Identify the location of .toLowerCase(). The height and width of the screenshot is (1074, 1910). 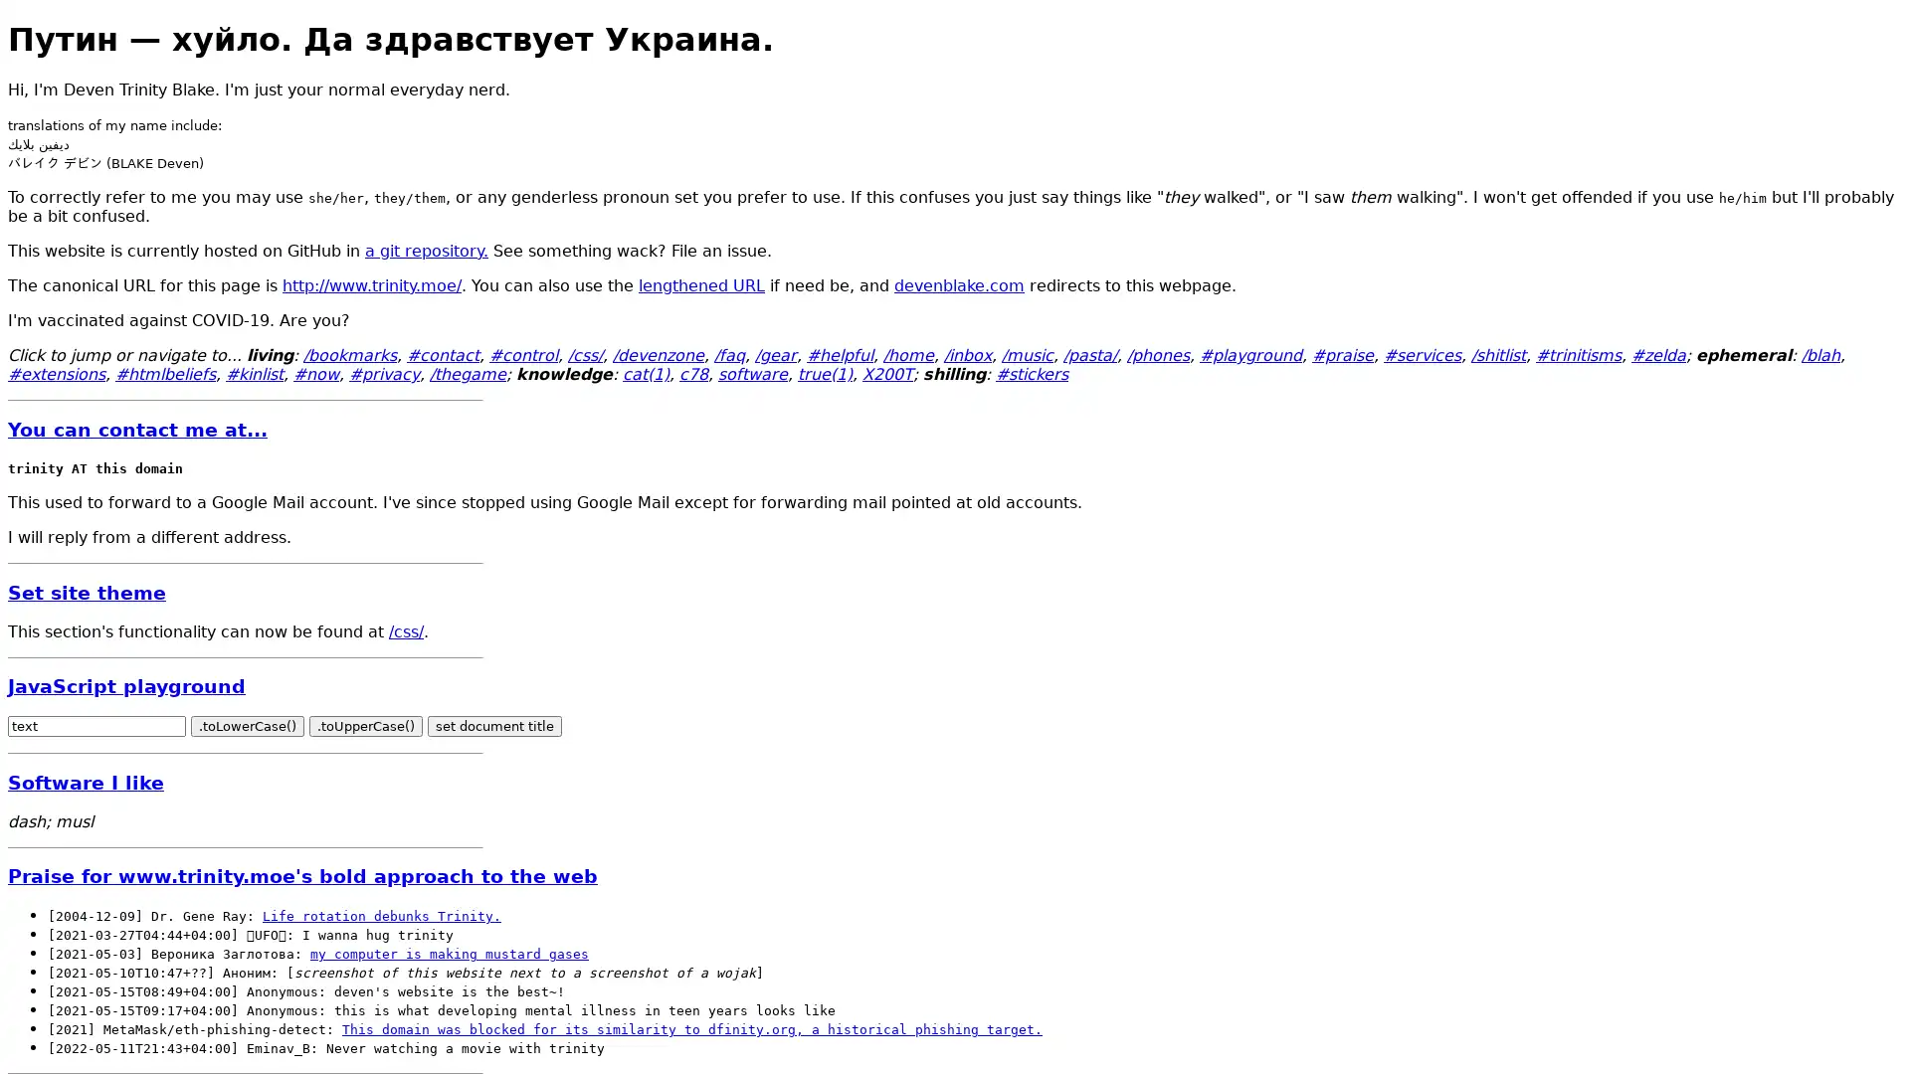
(247, 726).